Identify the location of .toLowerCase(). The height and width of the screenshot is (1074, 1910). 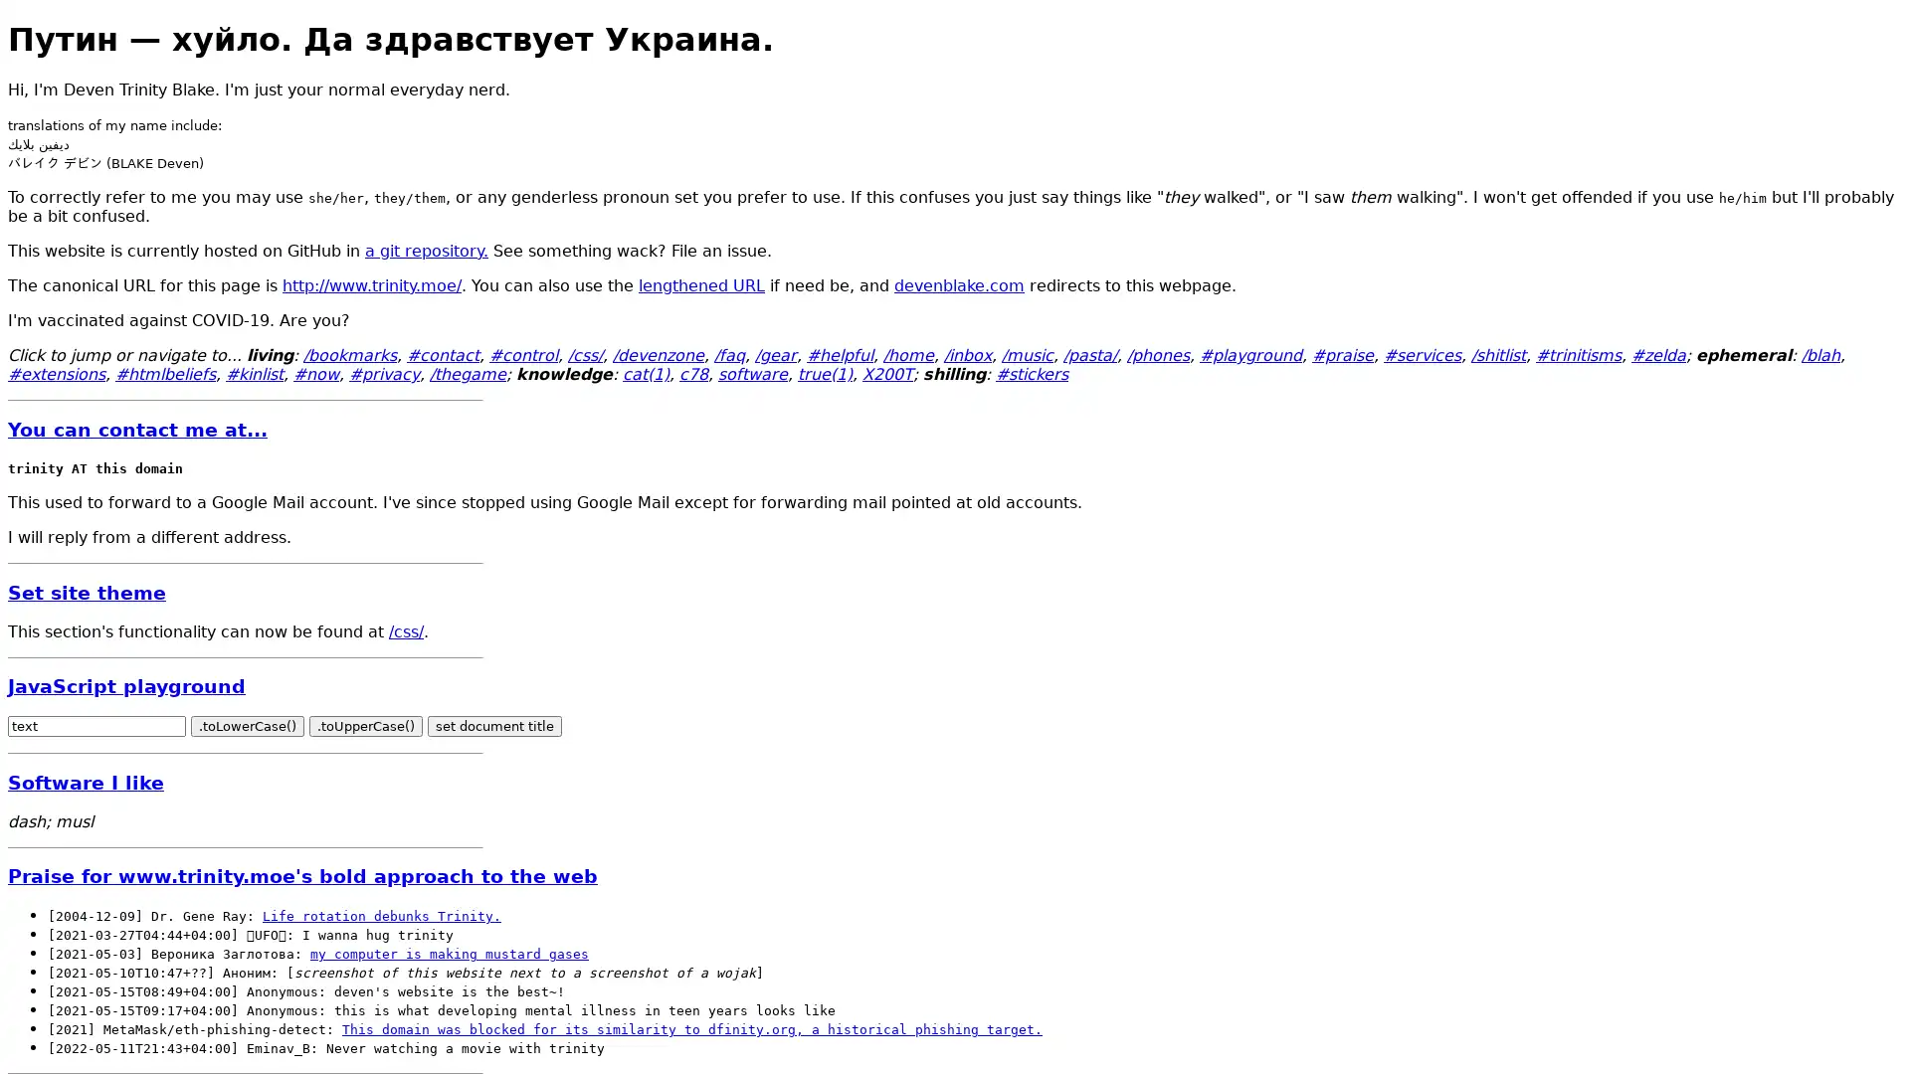
(247, 726).